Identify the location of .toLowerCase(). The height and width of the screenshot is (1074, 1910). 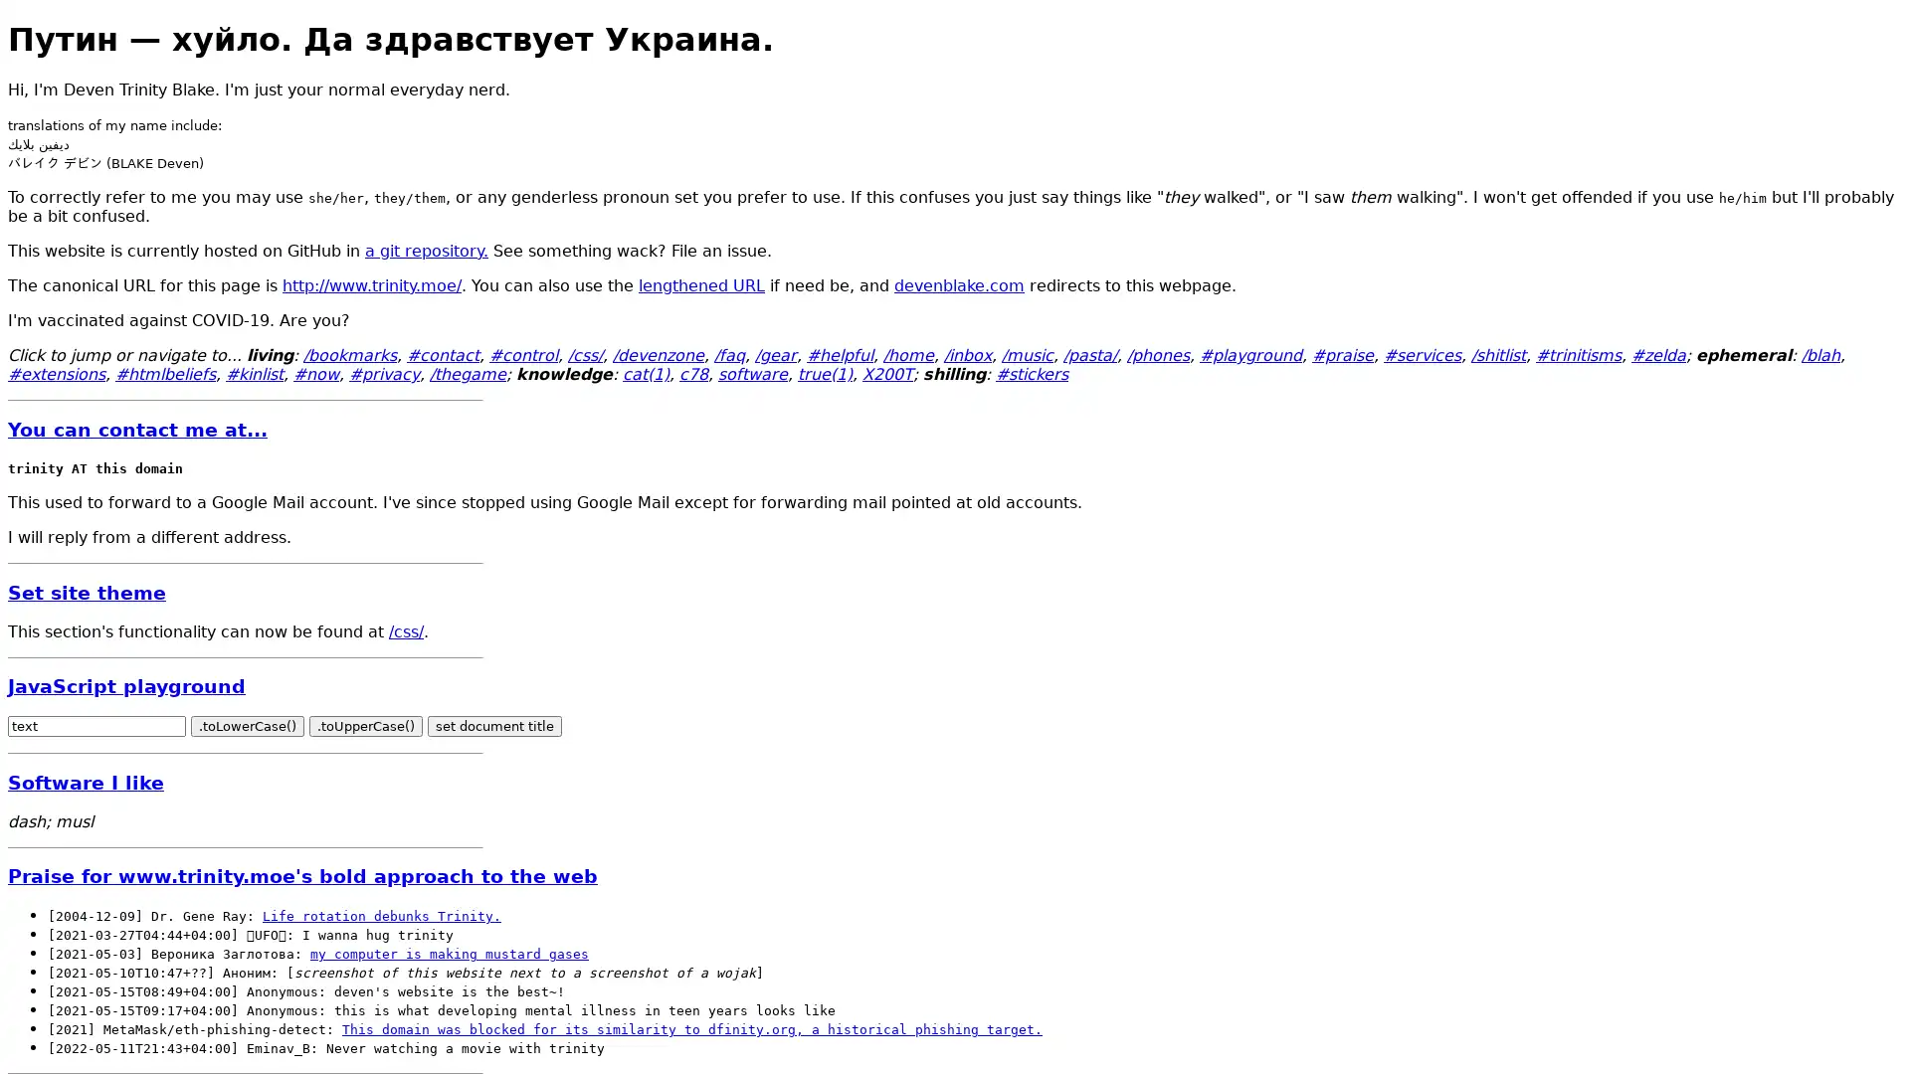
(247, 726).